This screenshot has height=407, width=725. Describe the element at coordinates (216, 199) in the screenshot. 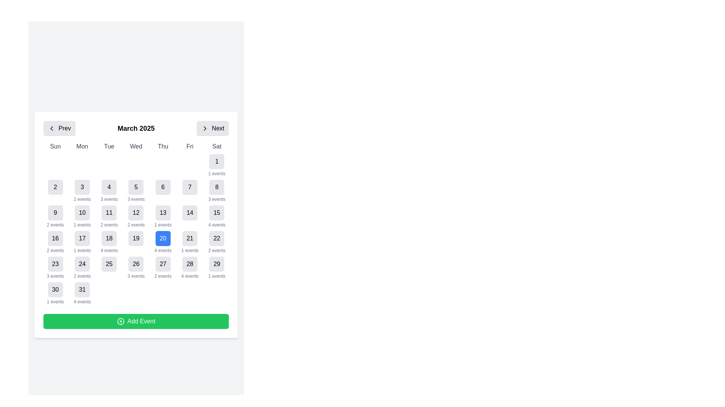

I see `the text label displaying the number of events for March 8, 2025, in the calendar layout if interactive elements are attached` at that location.